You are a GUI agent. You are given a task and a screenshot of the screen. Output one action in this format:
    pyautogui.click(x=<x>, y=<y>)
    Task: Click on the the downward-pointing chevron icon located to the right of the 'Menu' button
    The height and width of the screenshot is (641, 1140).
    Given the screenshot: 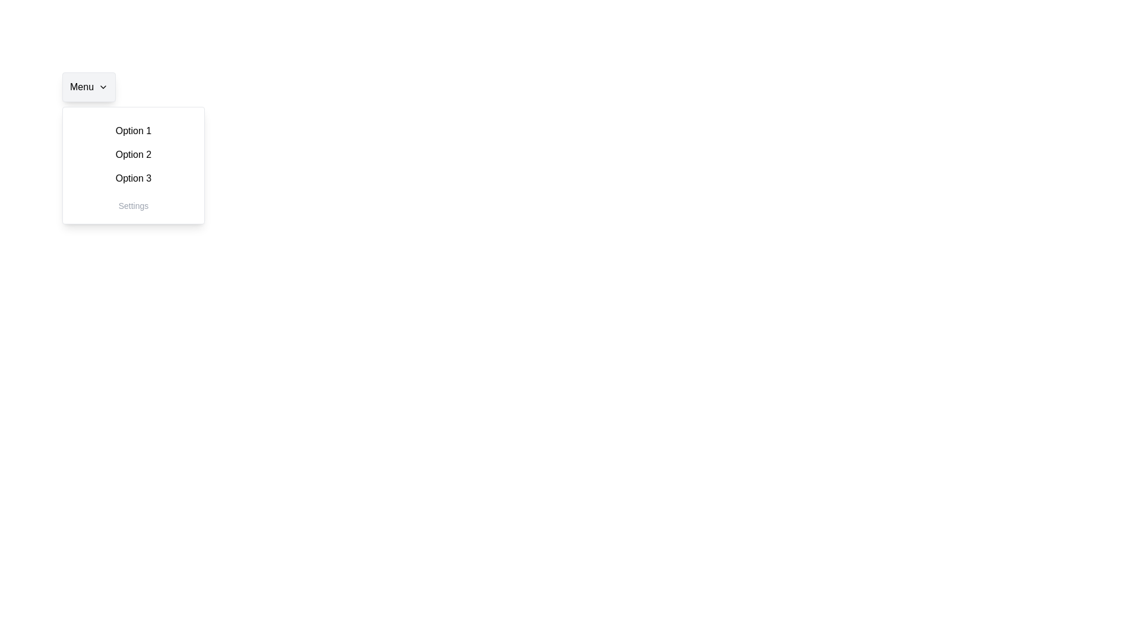 What is the action you would take?
    pyautogui.click(x=103, y=86)
    